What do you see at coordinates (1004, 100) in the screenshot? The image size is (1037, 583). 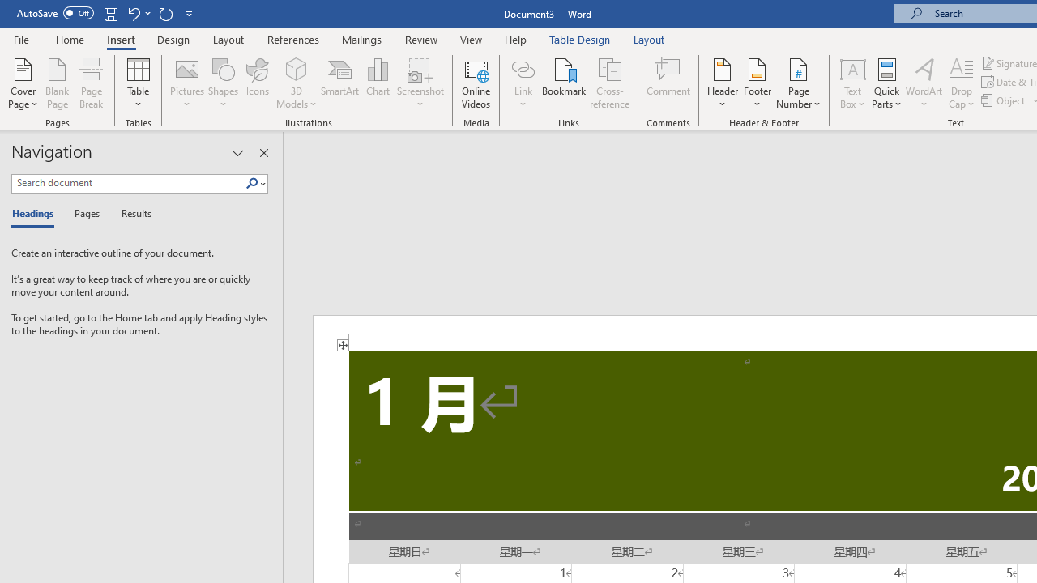 I see `'Object...'` at bounding box center [1004, 100].